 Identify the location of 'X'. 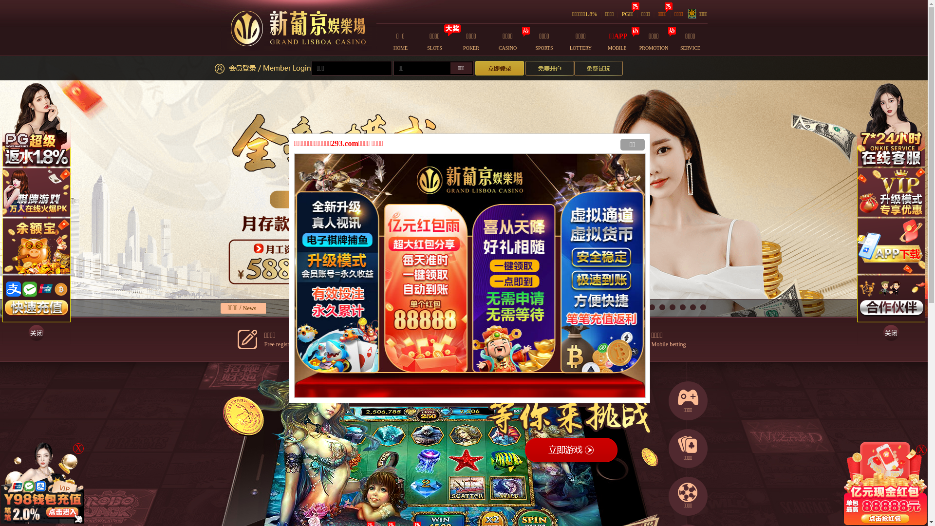
(78, 449).